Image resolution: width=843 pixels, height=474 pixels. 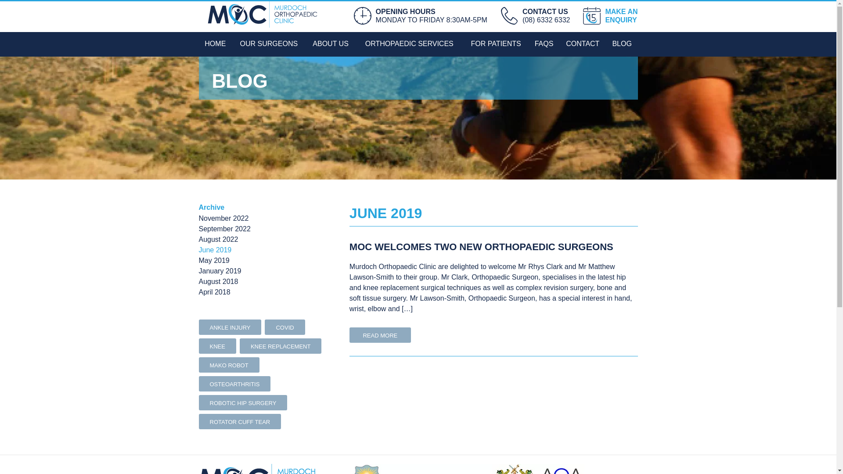 I want to click on 'ROTATOR CUFF TEAR', so click(x=240, y=421).